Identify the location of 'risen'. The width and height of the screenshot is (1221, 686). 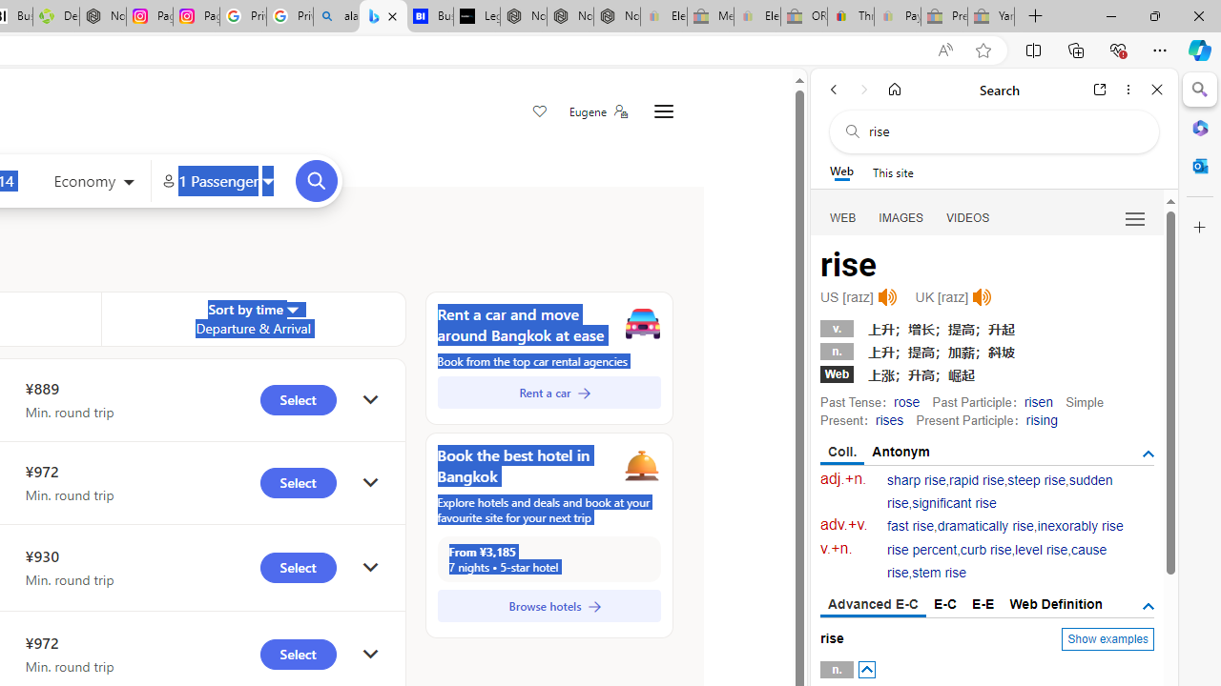
(1037, 400).